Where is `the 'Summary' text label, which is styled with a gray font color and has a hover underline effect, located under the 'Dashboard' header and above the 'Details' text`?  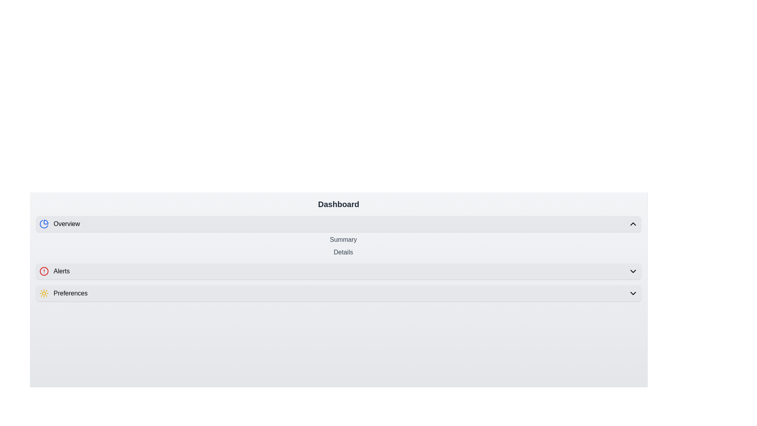 the 'Summary' text label, which is styled with a gray font color and has a hover underline effect, located under the 'Dashboard' header and above the 'Details' text is located at coordinates (343, 239).